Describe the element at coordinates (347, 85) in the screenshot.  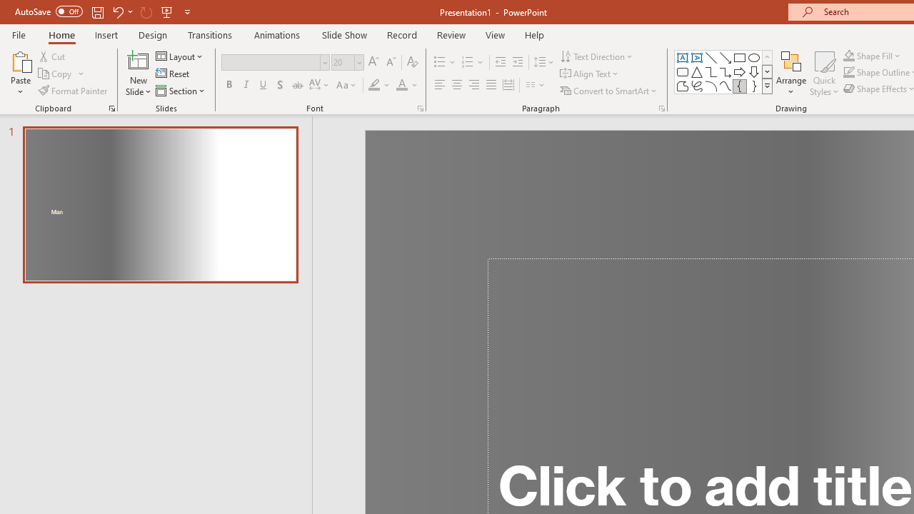
I see `'Change Case'` at that location.